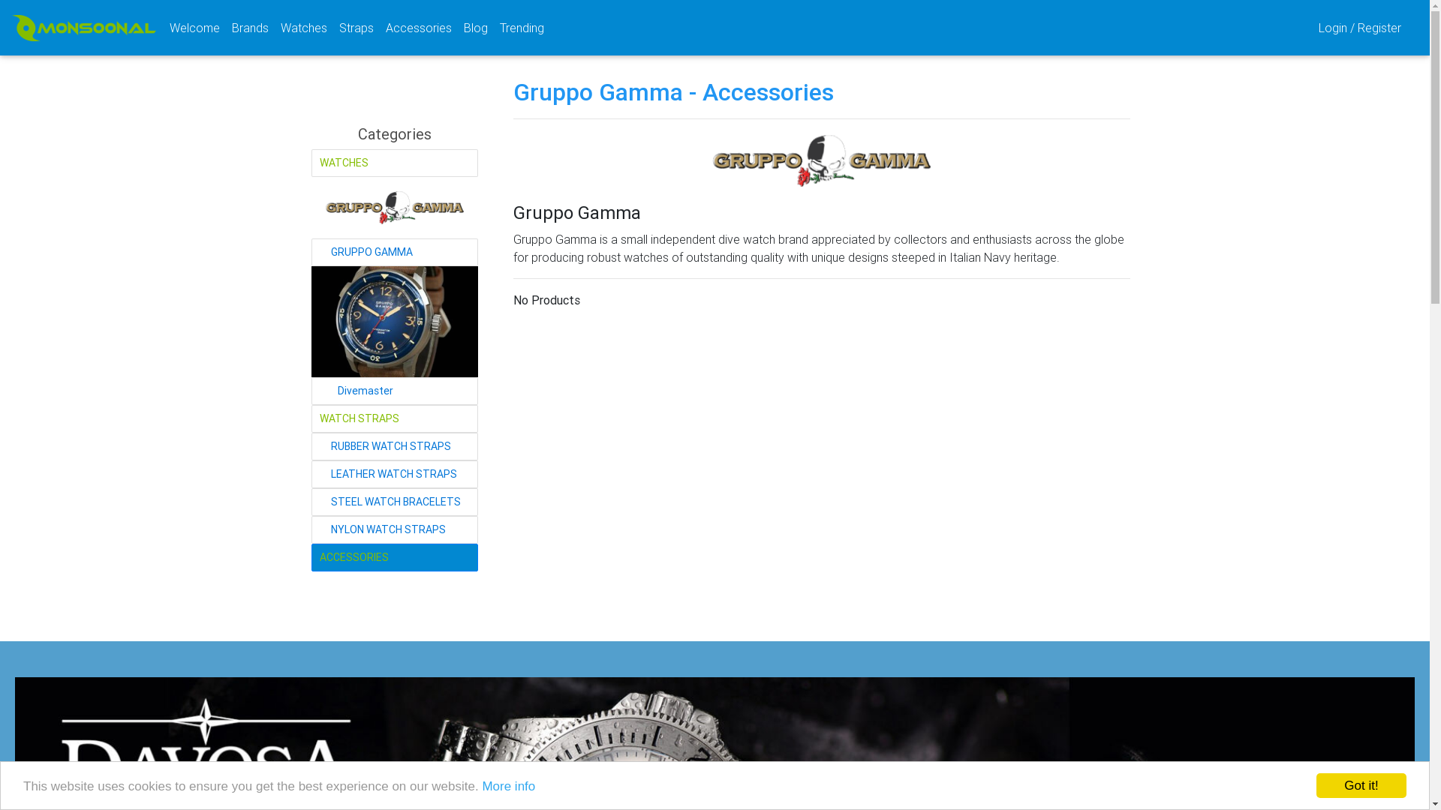  Describe the element at coordinates (418, 28) in the screenshot. I see `'Accessories` at that location.